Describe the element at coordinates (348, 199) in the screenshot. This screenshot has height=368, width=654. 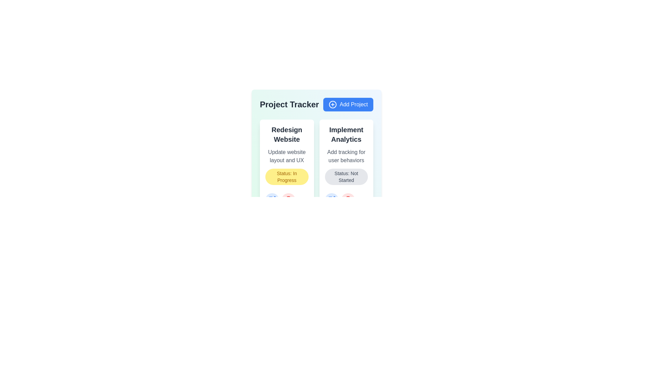
I see `delete button for the project card with the title Implement Analytics` at that location.